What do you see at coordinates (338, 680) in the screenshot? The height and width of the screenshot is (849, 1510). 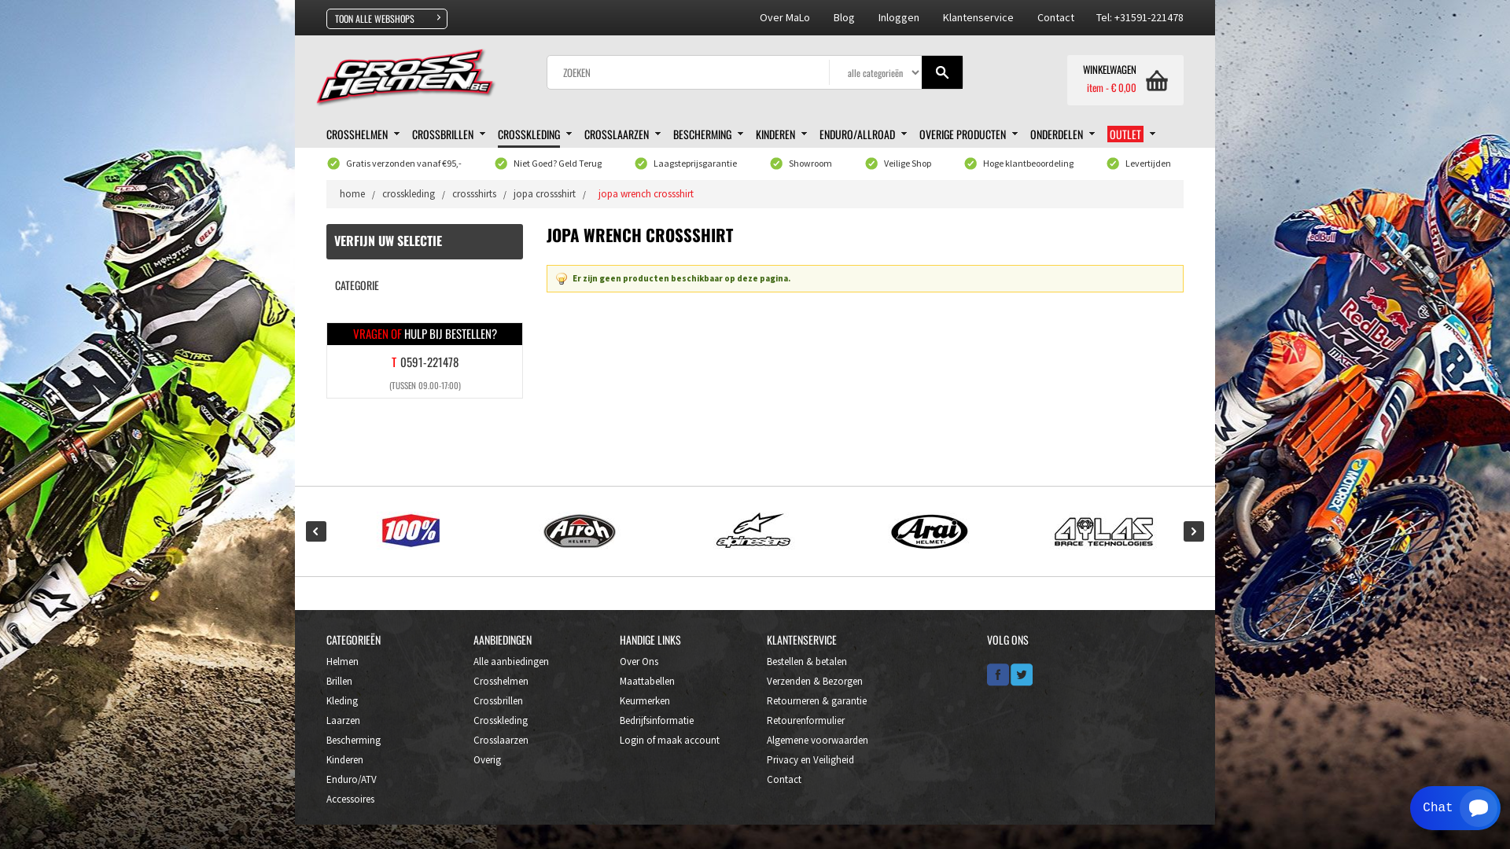 I see `'Brillen'` at bounding box center [338, 680].